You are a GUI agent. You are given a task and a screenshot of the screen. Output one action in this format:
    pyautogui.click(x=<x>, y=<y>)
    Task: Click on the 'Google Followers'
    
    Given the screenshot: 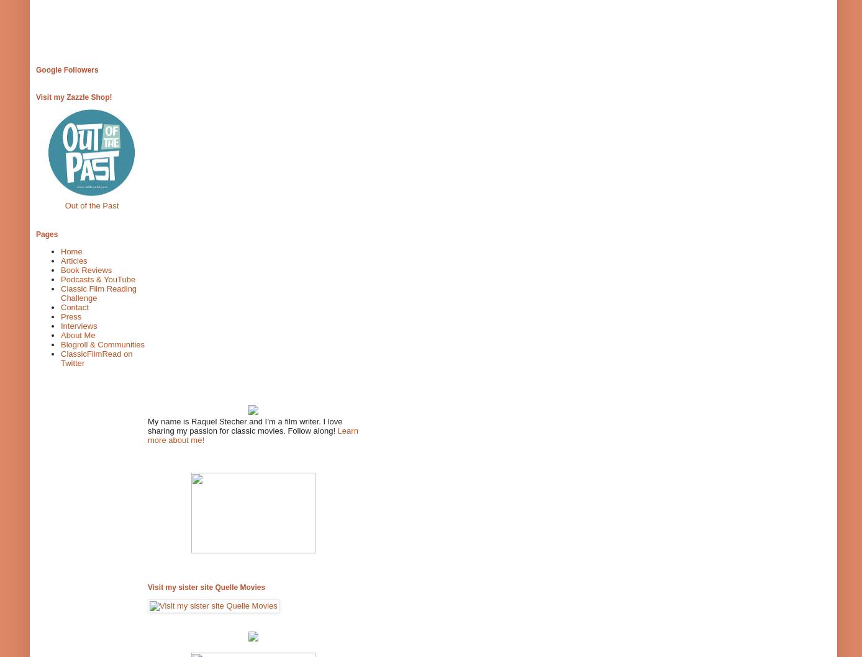 What is the action you would take?
    pyautogui.click(x=36, y=69)
    